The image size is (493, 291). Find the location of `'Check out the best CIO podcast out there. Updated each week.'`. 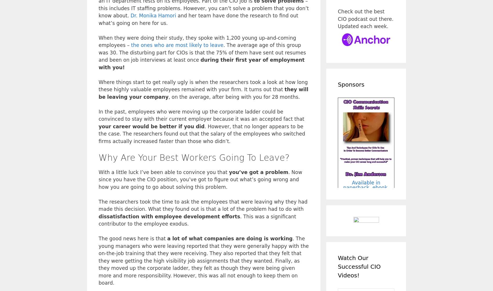

'Check out the best CIO podcast out there. Updated each week.' is located at coordinates (365, 19).